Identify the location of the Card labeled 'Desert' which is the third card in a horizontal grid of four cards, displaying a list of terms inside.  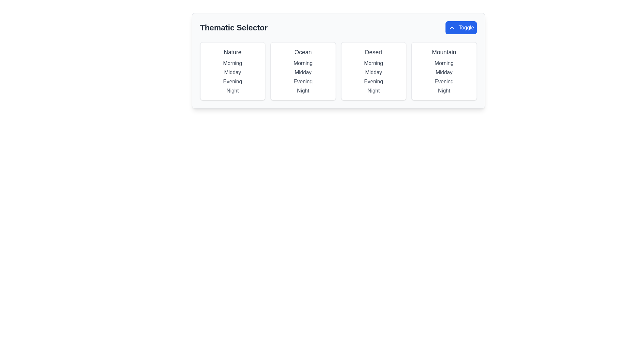
(374, 71).